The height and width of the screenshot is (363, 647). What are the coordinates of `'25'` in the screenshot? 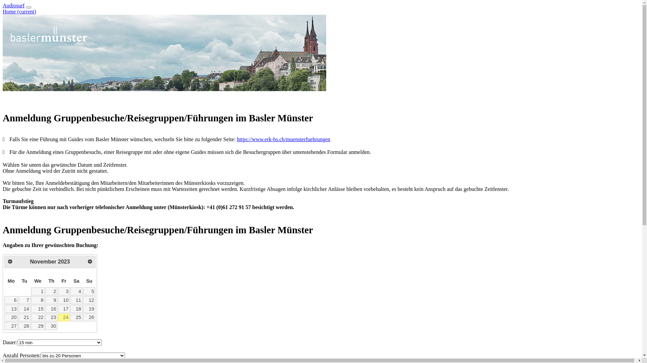 It's located at (76, 318).